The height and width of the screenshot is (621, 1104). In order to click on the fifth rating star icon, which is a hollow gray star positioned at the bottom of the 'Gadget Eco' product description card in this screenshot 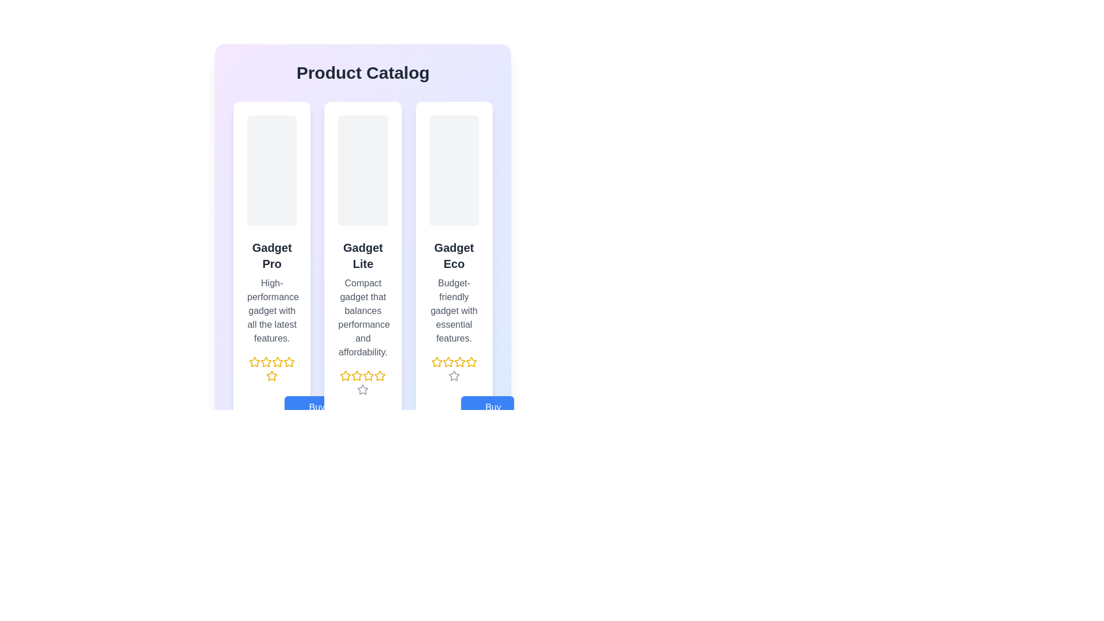, I will do `click(453, 375)`.